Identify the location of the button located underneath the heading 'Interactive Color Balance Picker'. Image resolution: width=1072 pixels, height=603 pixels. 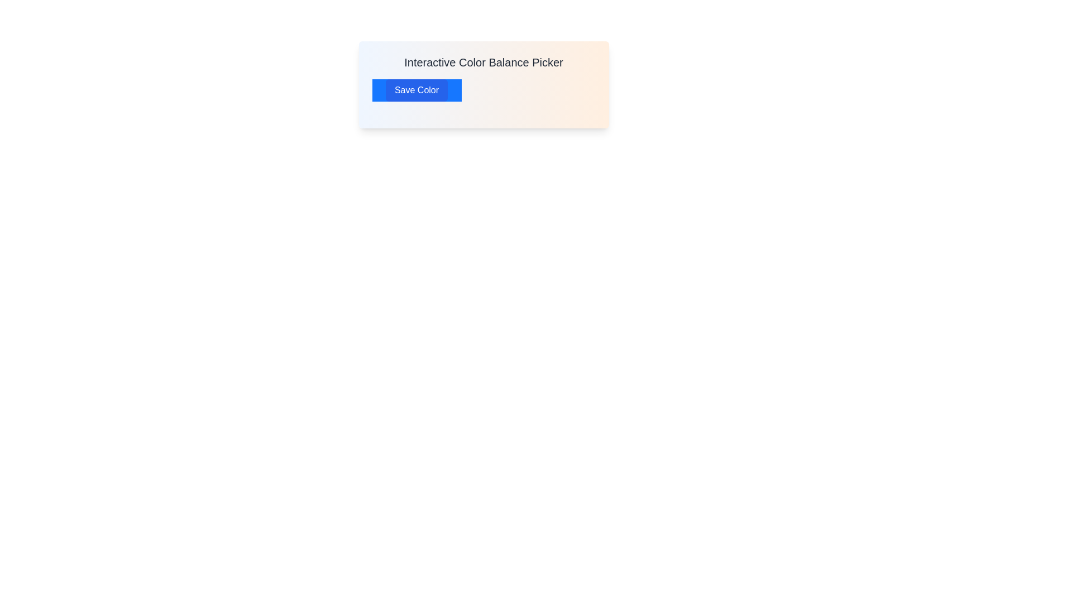
(416, 90).